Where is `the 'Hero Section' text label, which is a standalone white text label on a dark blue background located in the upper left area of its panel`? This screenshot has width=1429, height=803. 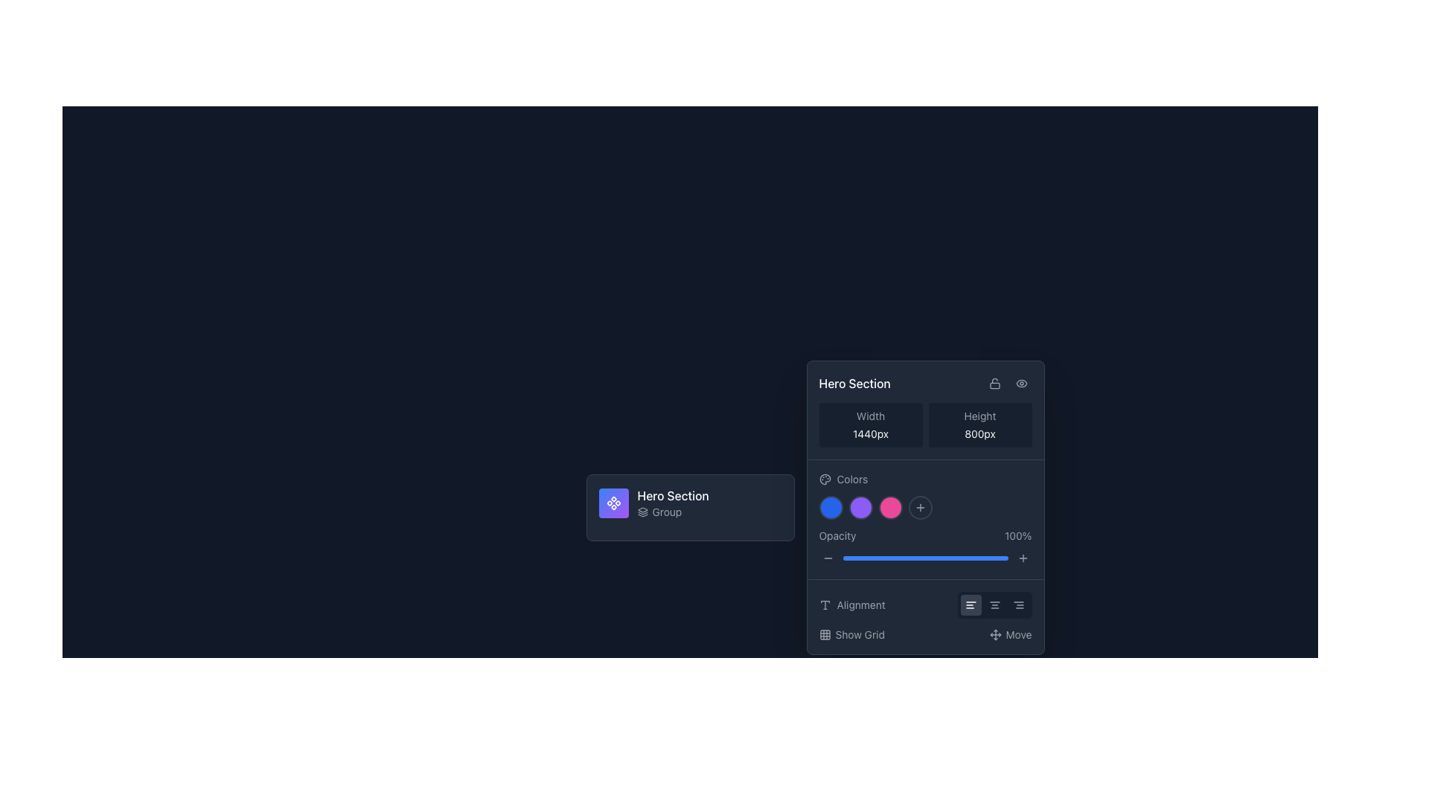 the 'Hero Section' text label, which is a standalone white text label on a dark blue background located in the upper left area of its panel is located at coordinates (854, 383).